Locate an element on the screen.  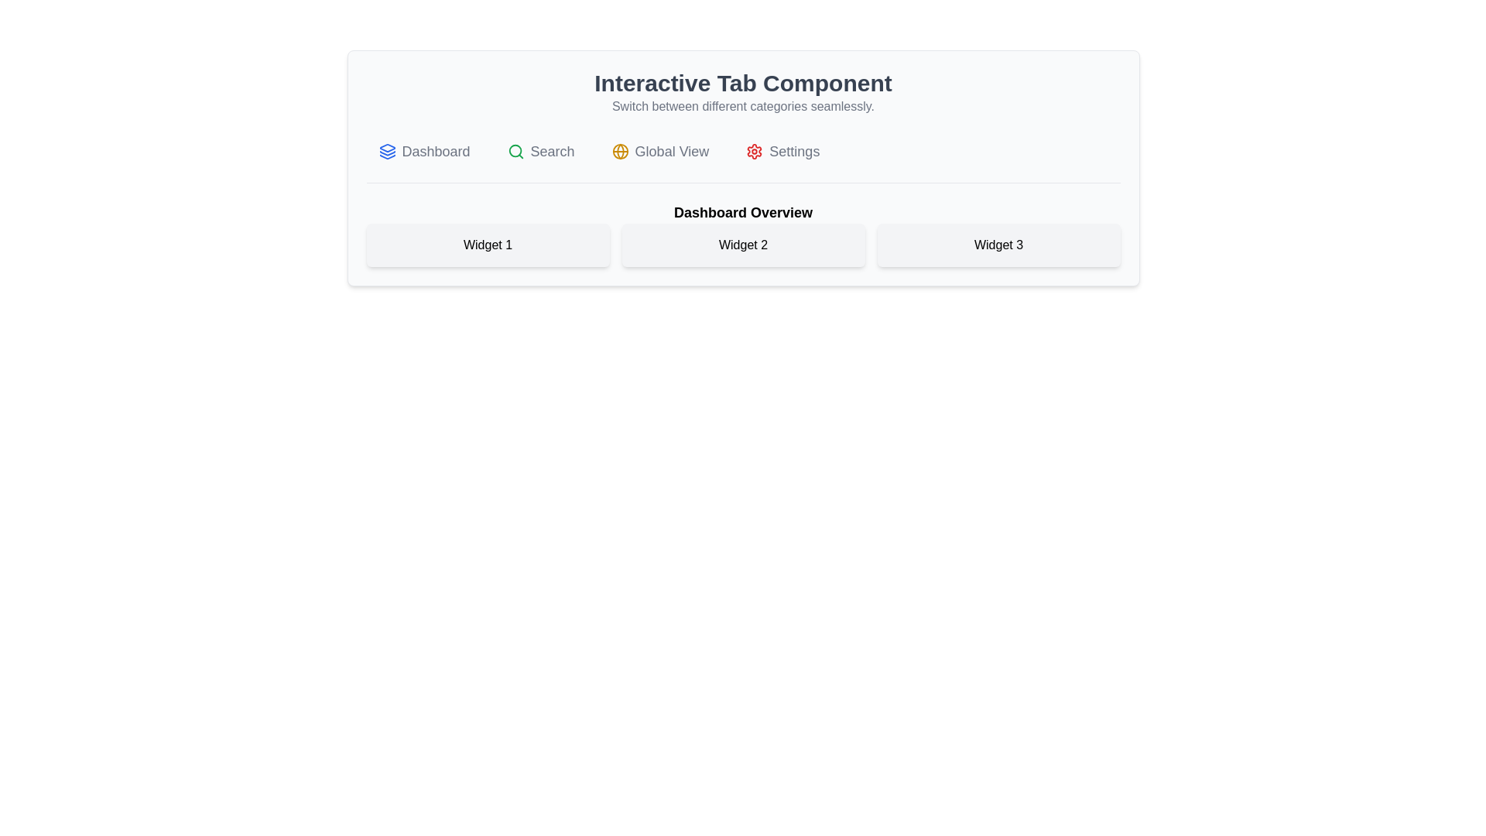
the rightmost button is located at coordinates (782, 152).